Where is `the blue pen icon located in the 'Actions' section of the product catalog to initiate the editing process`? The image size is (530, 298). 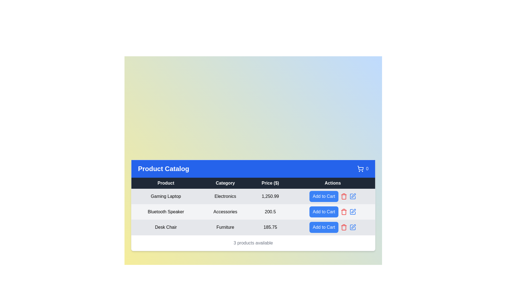
the blue pen icon located in the 'Actions' section of the product catalog to initiate the editing process is located at coordinates (352, 196).